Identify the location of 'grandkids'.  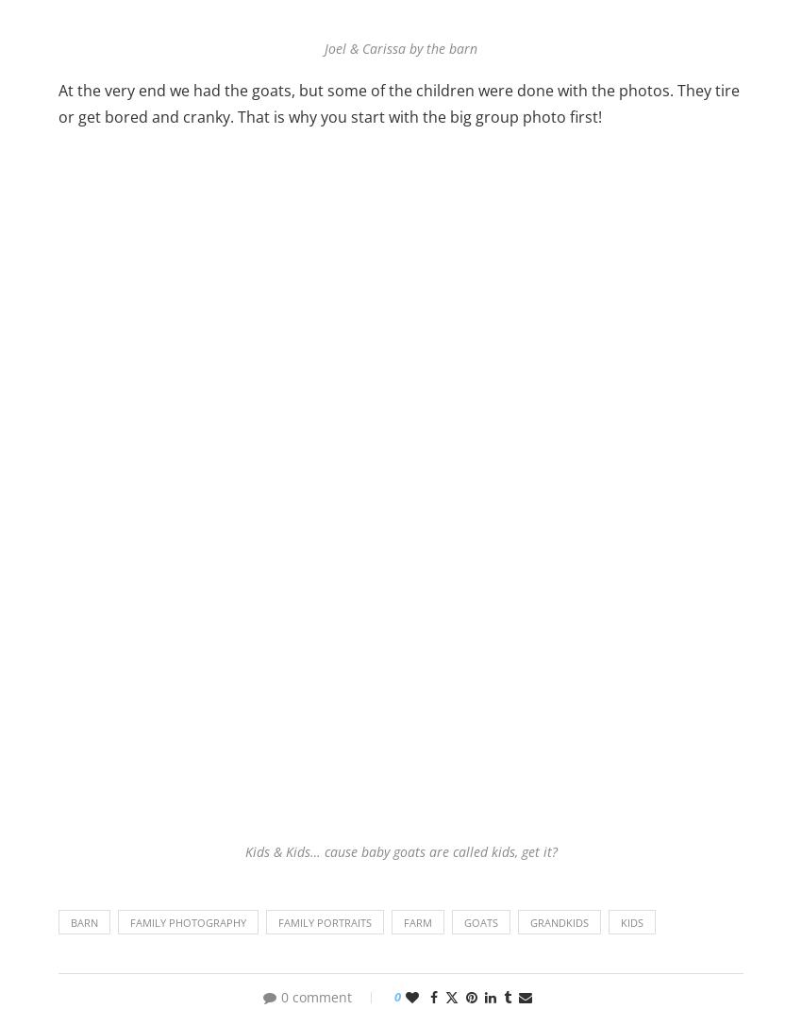
(559, 921).